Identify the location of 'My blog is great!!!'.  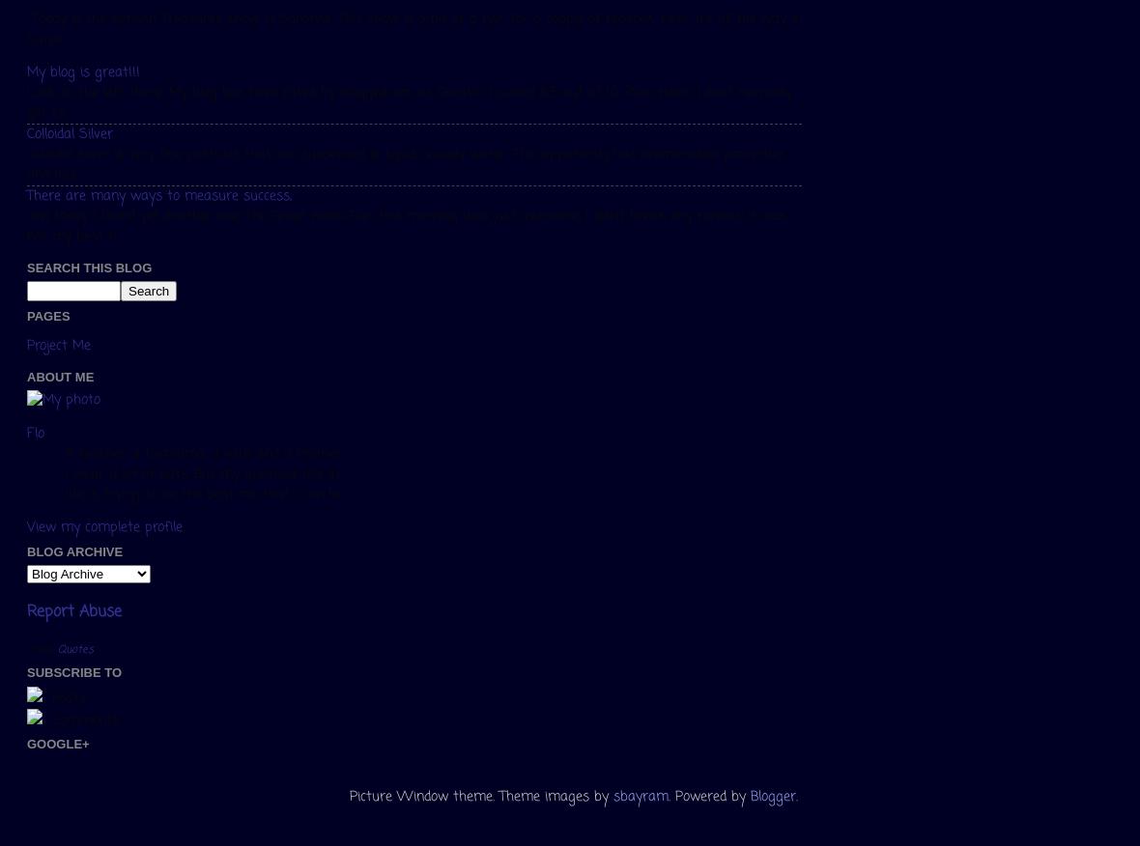
(82, 72).